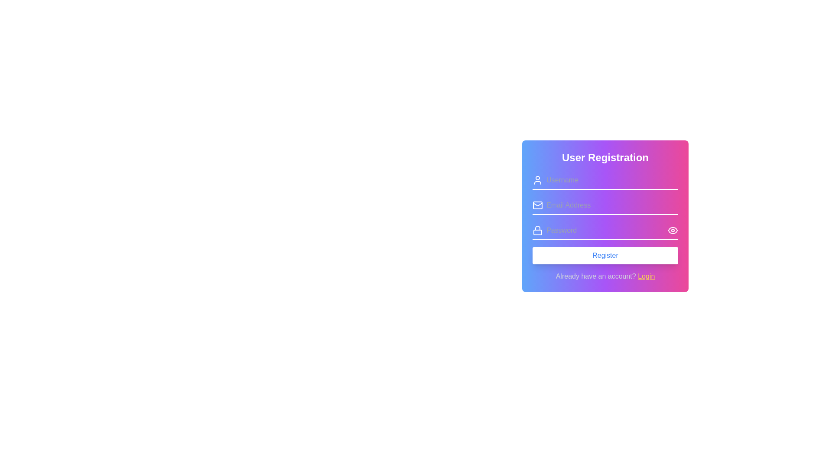  Describe the element at coordinates (537, 180) in the screenshot. I see `the user icon styled as an outline of a person, located to the left of the 'Username' input field in the User Registration form panel` at that location.